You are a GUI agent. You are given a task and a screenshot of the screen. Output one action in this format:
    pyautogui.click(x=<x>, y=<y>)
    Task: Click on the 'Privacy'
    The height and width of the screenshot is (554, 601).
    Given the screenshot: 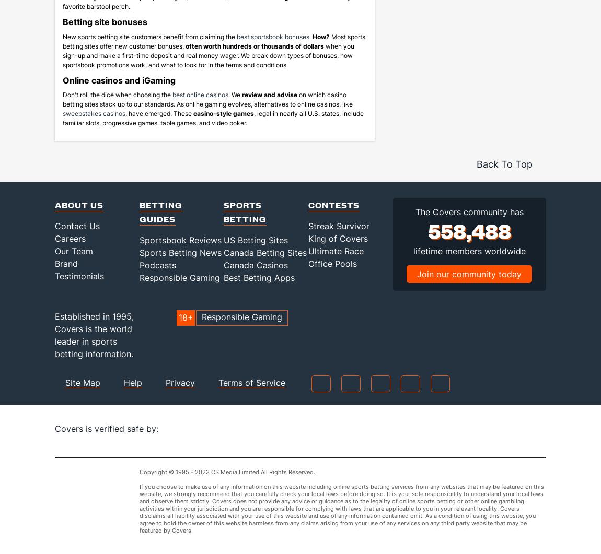 What is the action you would take?
    pyautogui.click(x=166, y=396)
    